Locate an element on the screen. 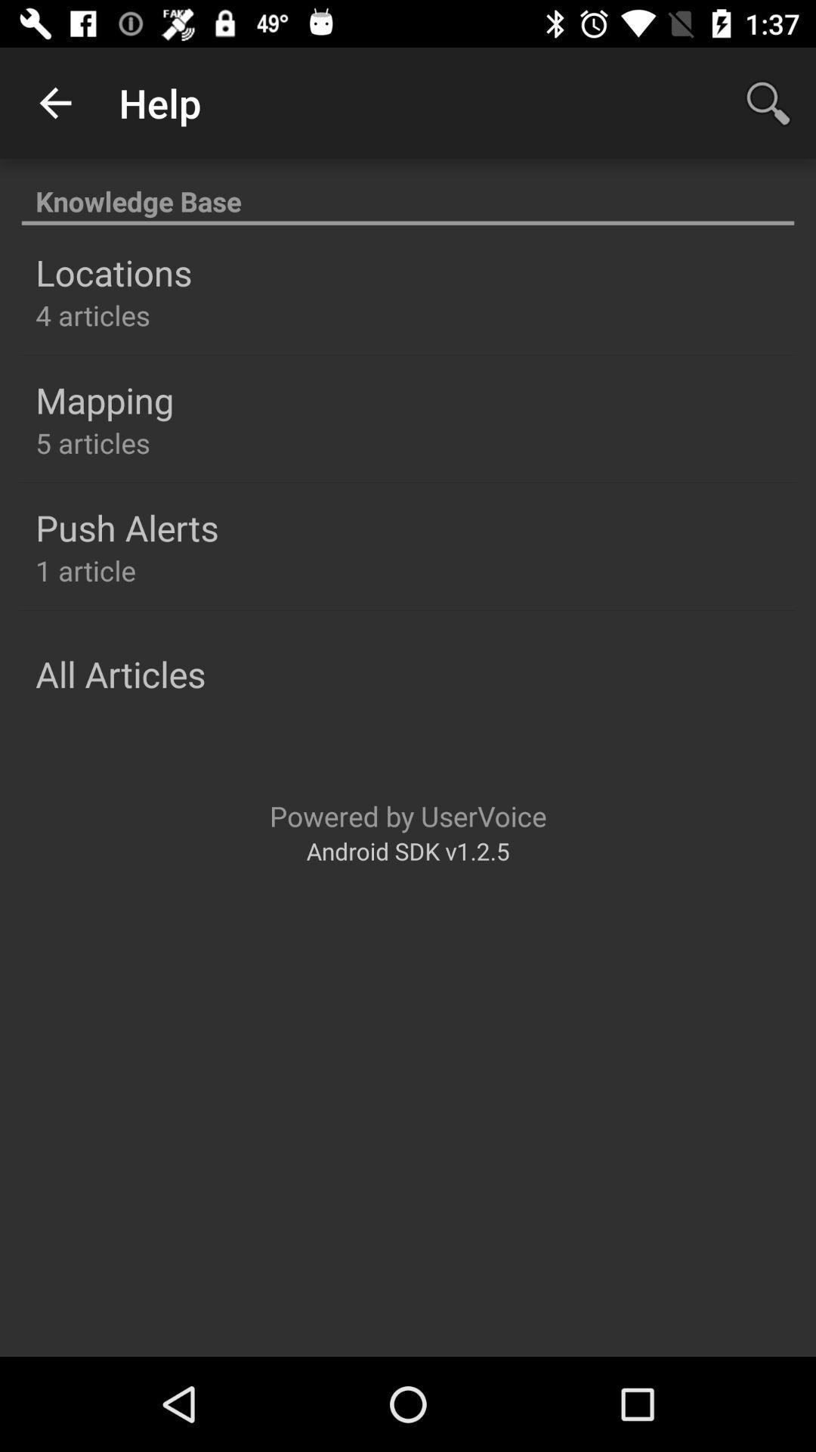 The image size is (816, 1452). 1 article is located at coordinates (85, 569).